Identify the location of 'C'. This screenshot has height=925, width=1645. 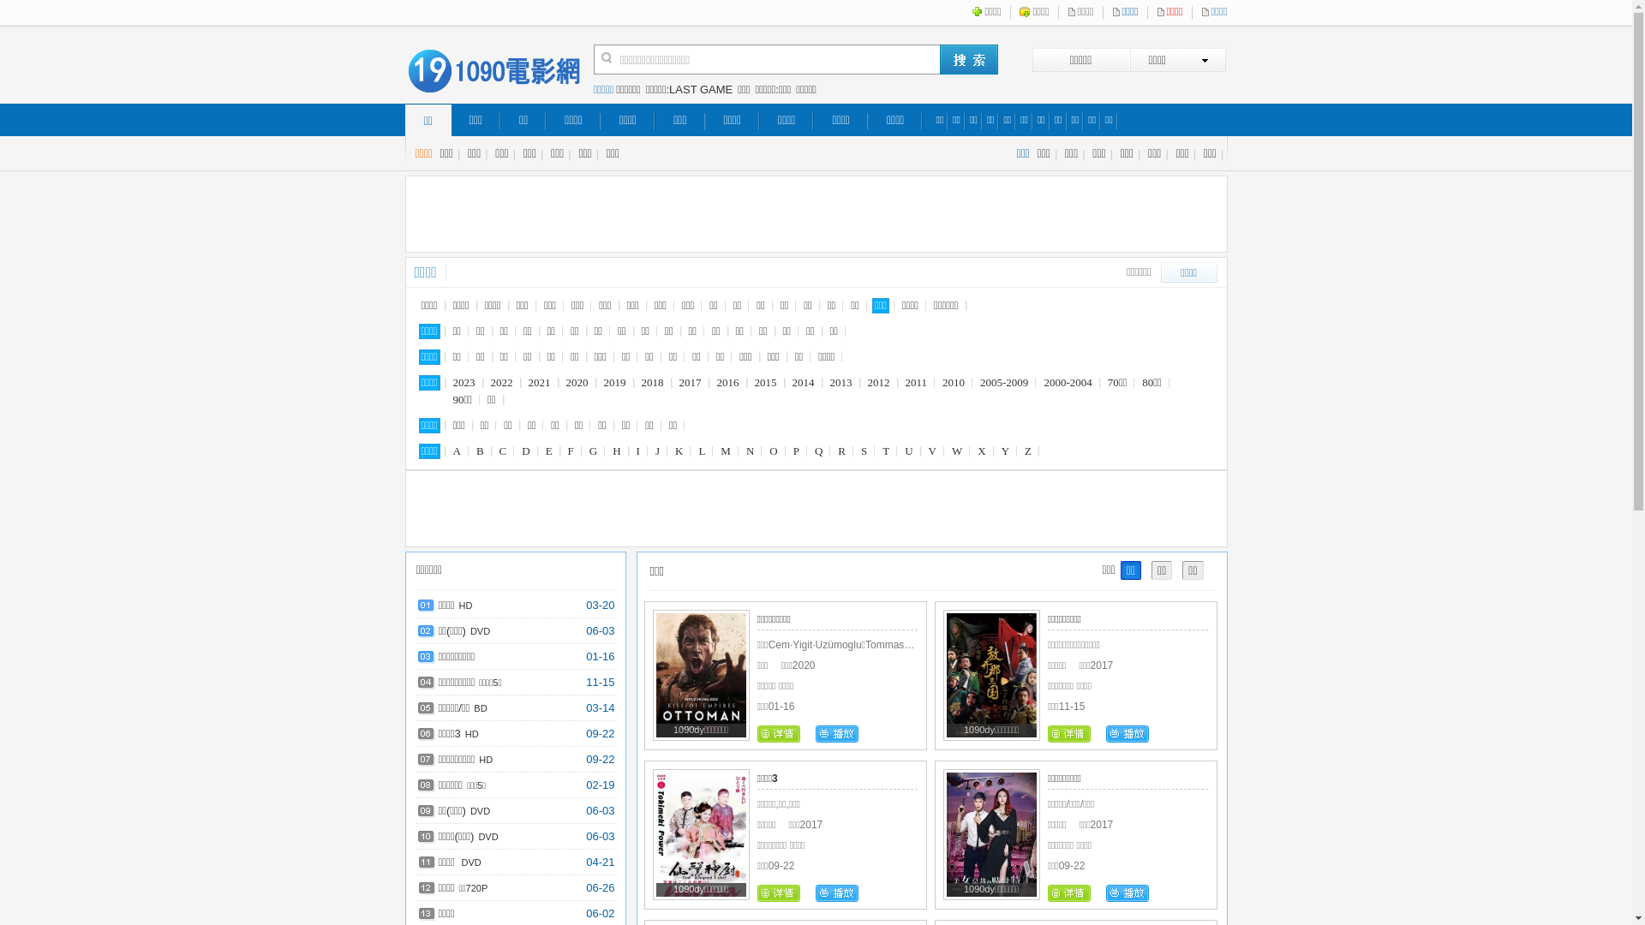
(502, 451).